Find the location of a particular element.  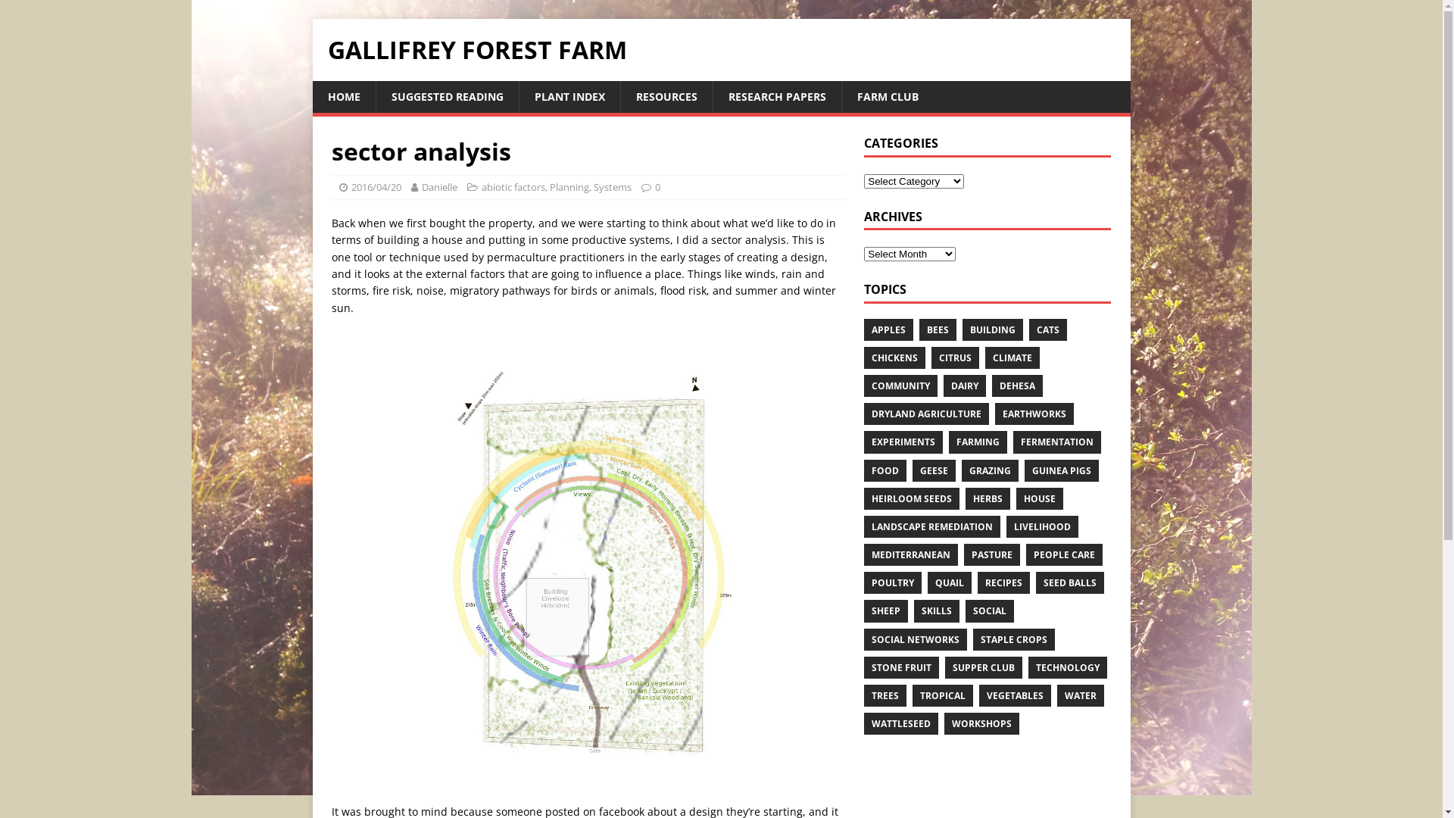

'GRAZING' is located at coordinates (990, 469).